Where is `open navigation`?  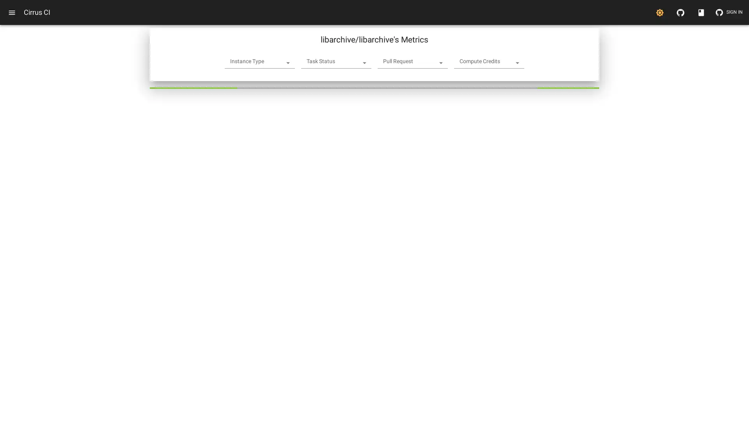 open navigation is located at coordinates (12, 12).